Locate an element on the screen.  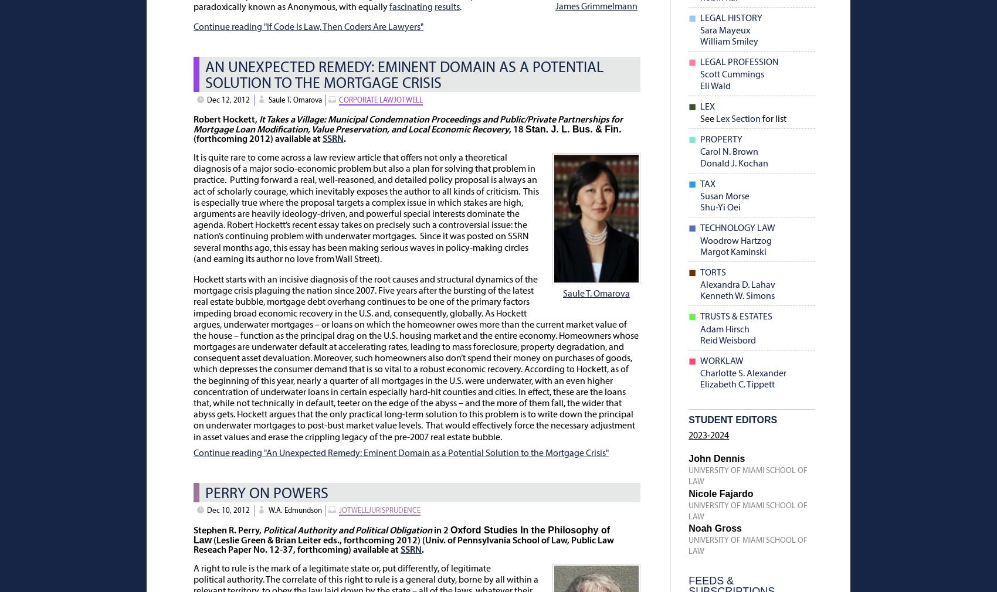
'William Smiley' is located at coordinates (728, 42).